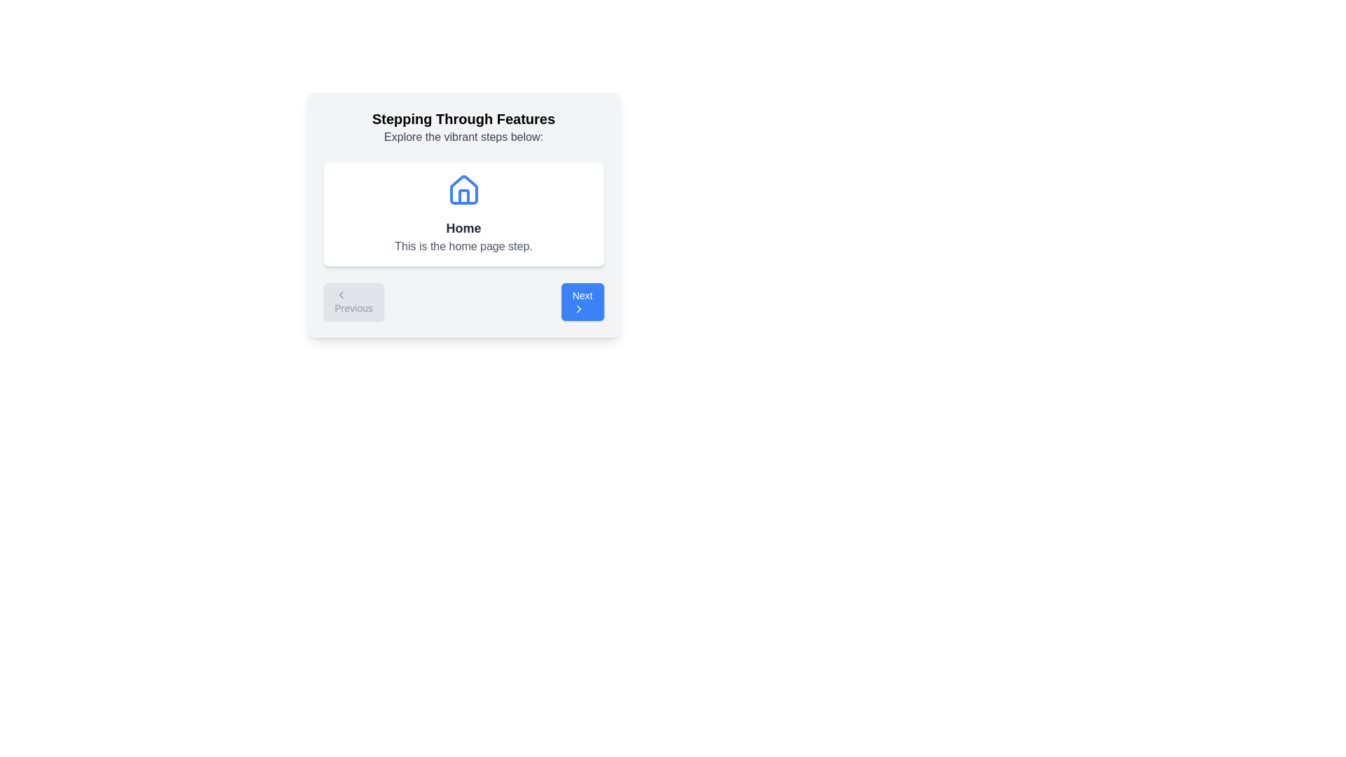  What do you see at coordinates (463, 191) in the screenshot?
I see `the 'Home' icon, which is represented by a house symbol and is located in the center of the card section above the 'Home' label` at bounding box center [463, 191].